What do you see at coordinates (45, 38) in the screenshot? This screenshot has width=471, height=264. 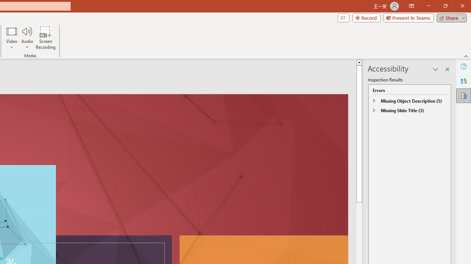 I see `'Screen Recording...'` at bounding box center [45, 38].